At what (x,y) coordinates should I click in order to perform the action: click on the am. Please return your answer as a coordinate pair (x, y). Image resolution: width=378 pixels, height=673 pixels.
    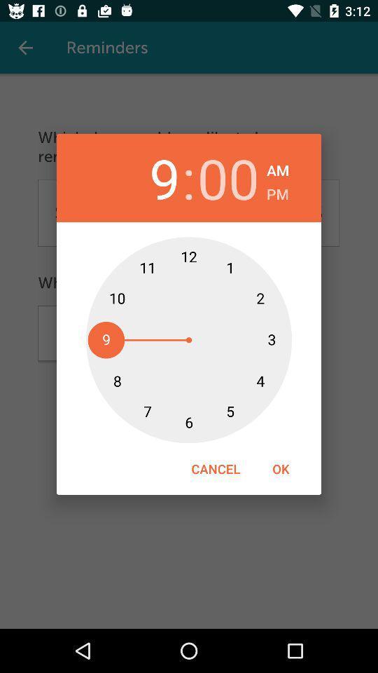
    Looking at the image, I should click on (278, 168).